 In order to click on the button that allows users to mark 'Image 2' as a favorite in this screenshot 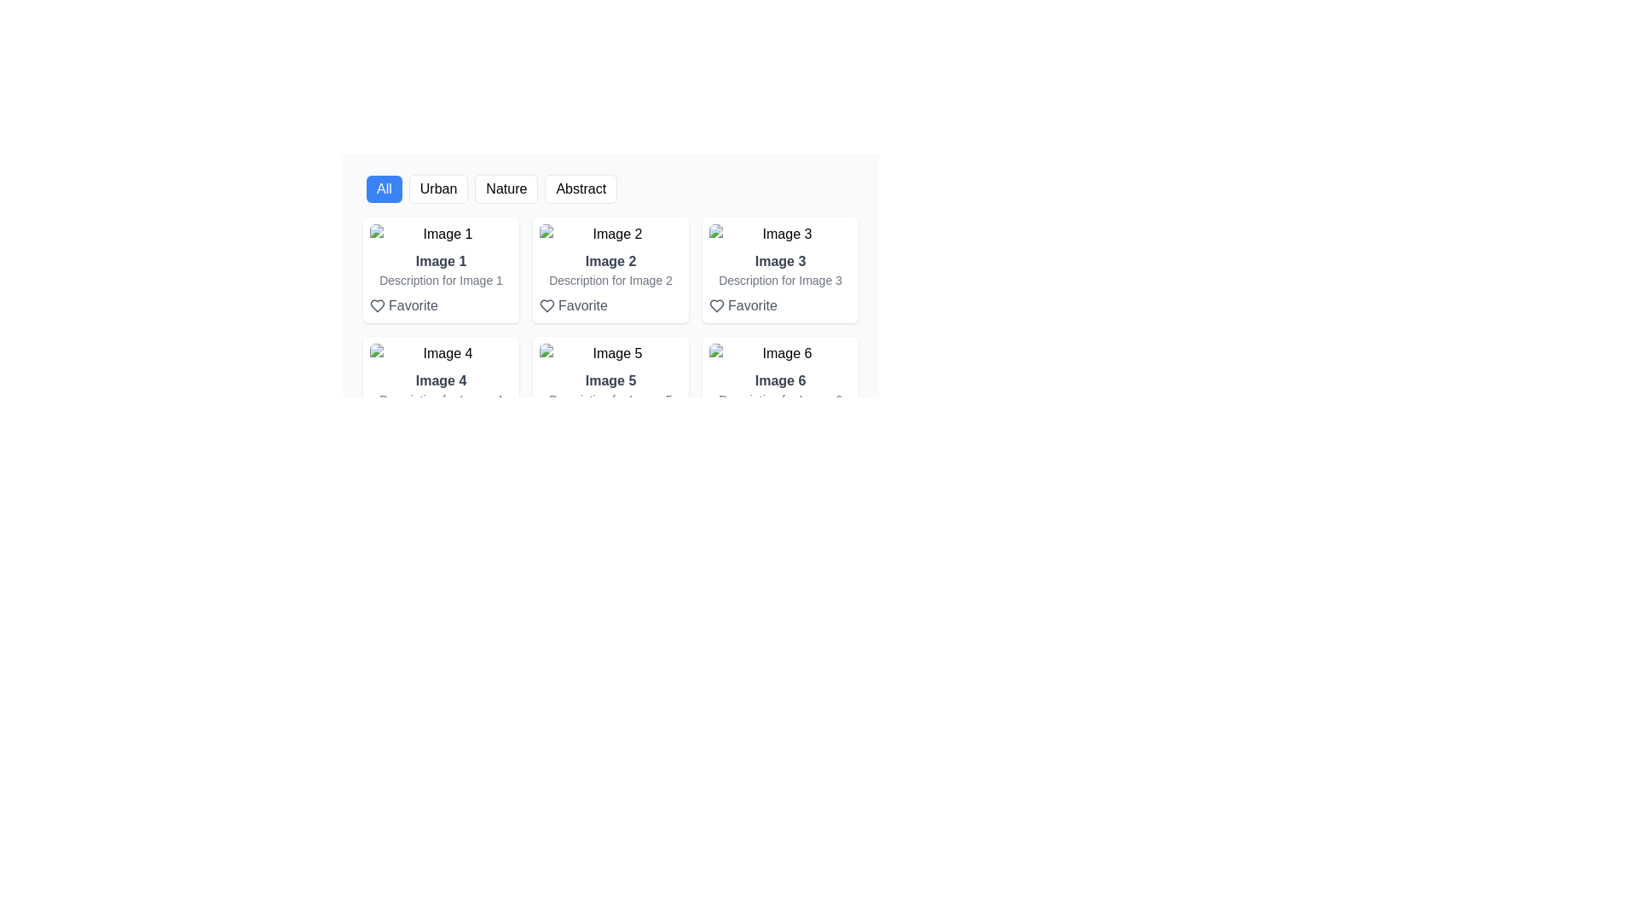, I will do `click(573, 304)`.